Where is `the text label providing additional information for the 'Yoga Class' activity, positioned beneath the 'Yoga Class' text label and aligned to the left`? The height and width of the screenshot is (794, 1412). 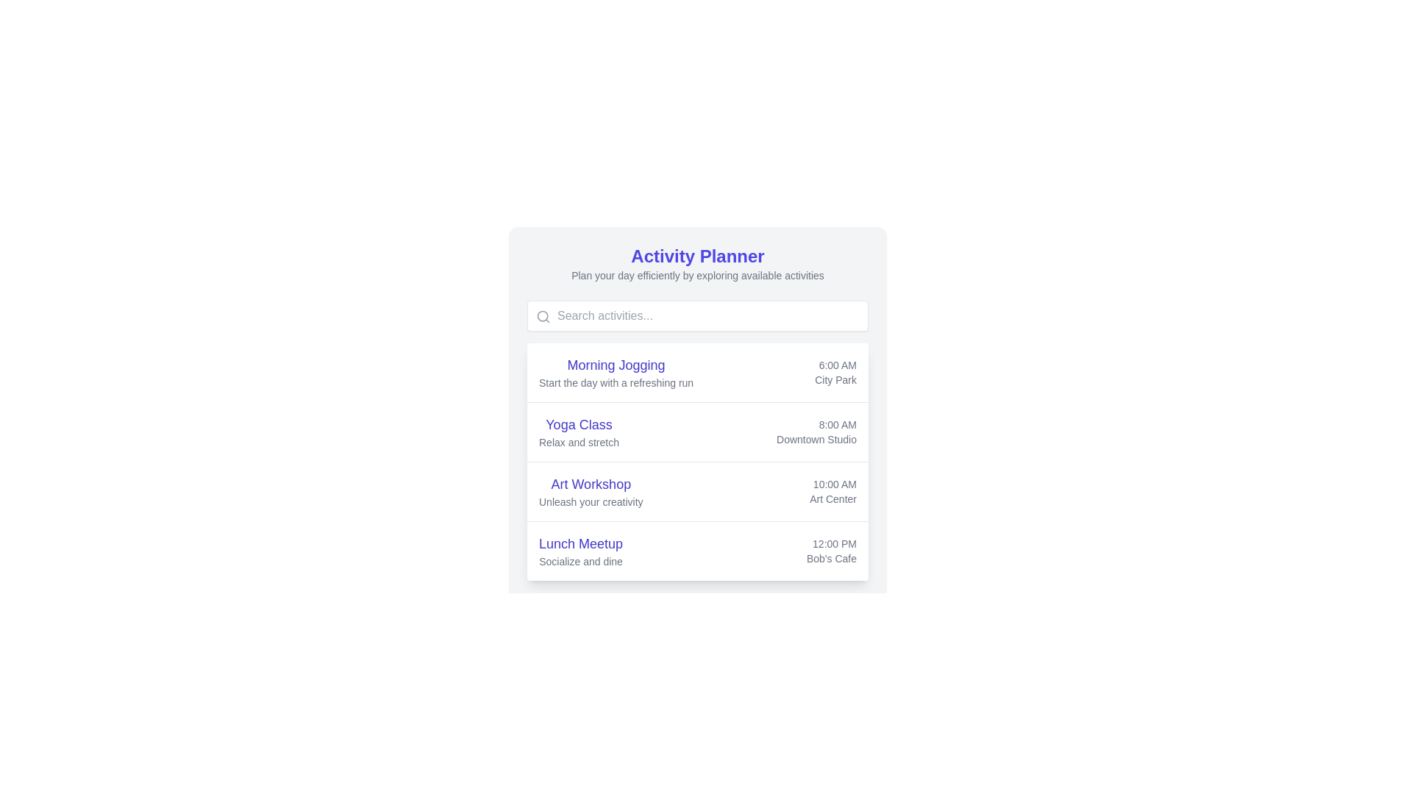 the text label providing additional information for the 'Yoga Class' activity, positioned beneath the 'Yoga Class' text label and aligned to the left is located at coordinates (578, 441).